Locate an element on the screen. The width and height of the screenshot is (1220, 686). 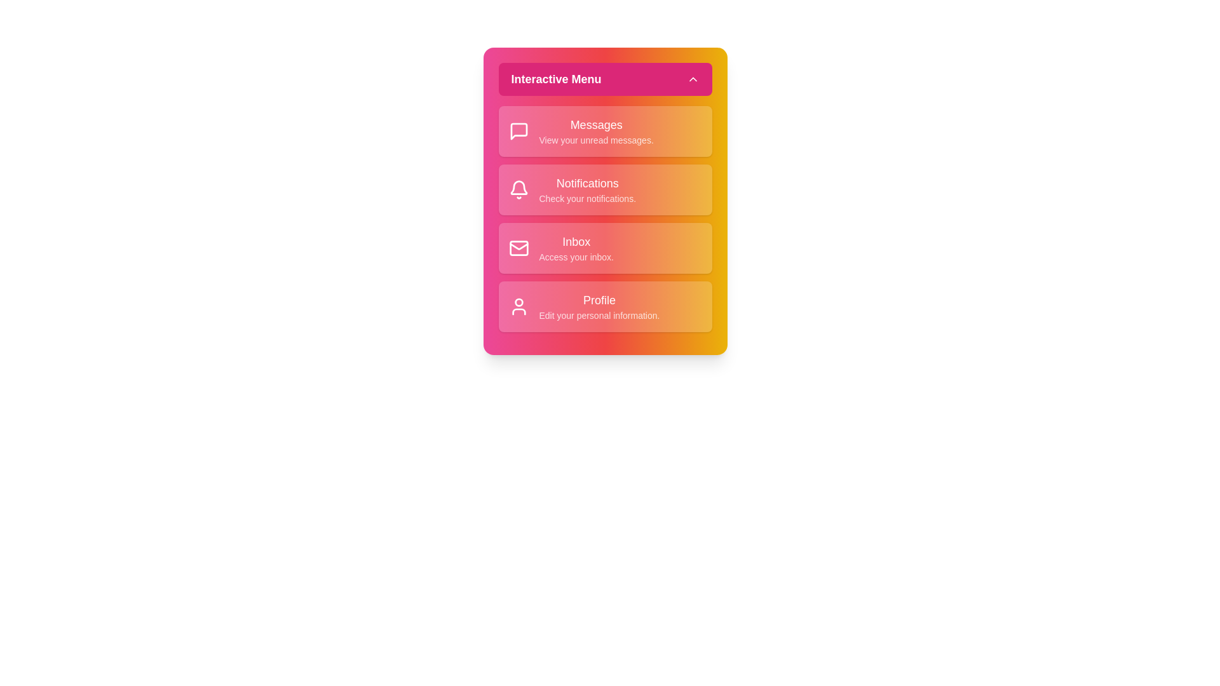
header button to toggle the menu visibility is located at coordinates (604, 79).